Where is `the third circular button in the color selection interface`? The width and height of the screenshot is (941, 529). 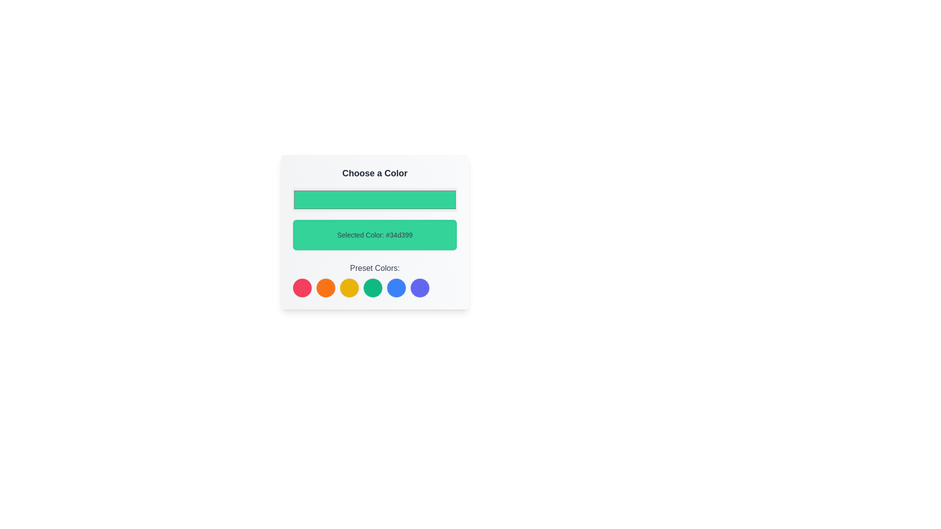
the third circular button in the color selection interface is located at coordinates (349, 287).